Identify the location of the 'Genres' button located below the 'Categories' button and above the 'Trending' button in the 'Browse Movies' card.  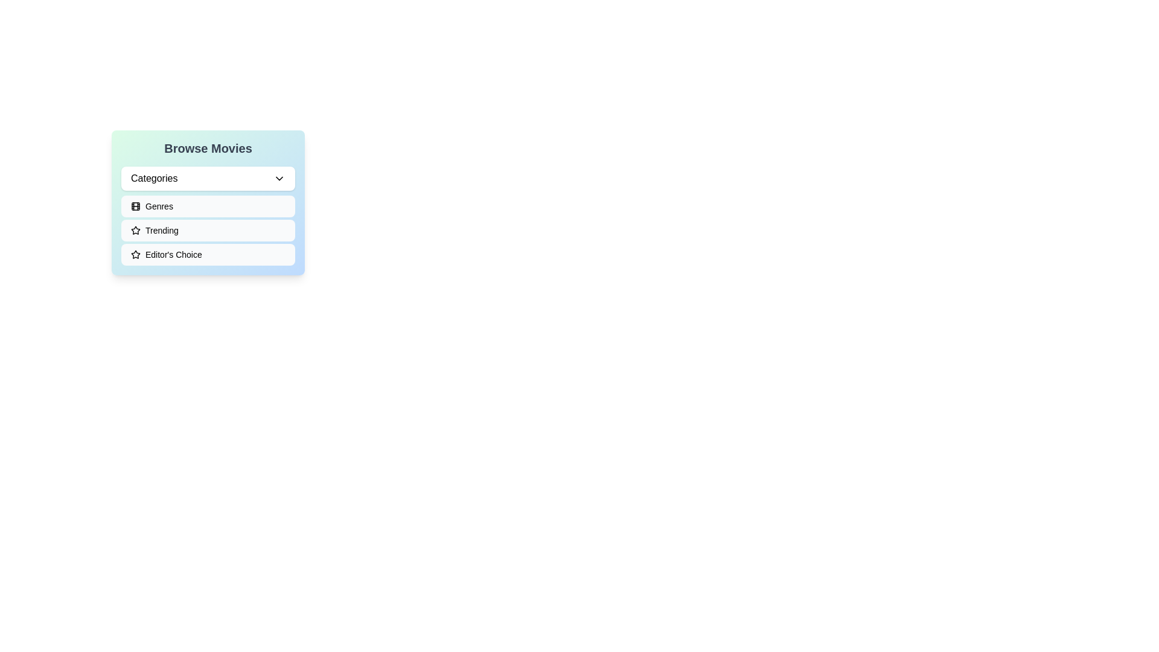
(208, 202).